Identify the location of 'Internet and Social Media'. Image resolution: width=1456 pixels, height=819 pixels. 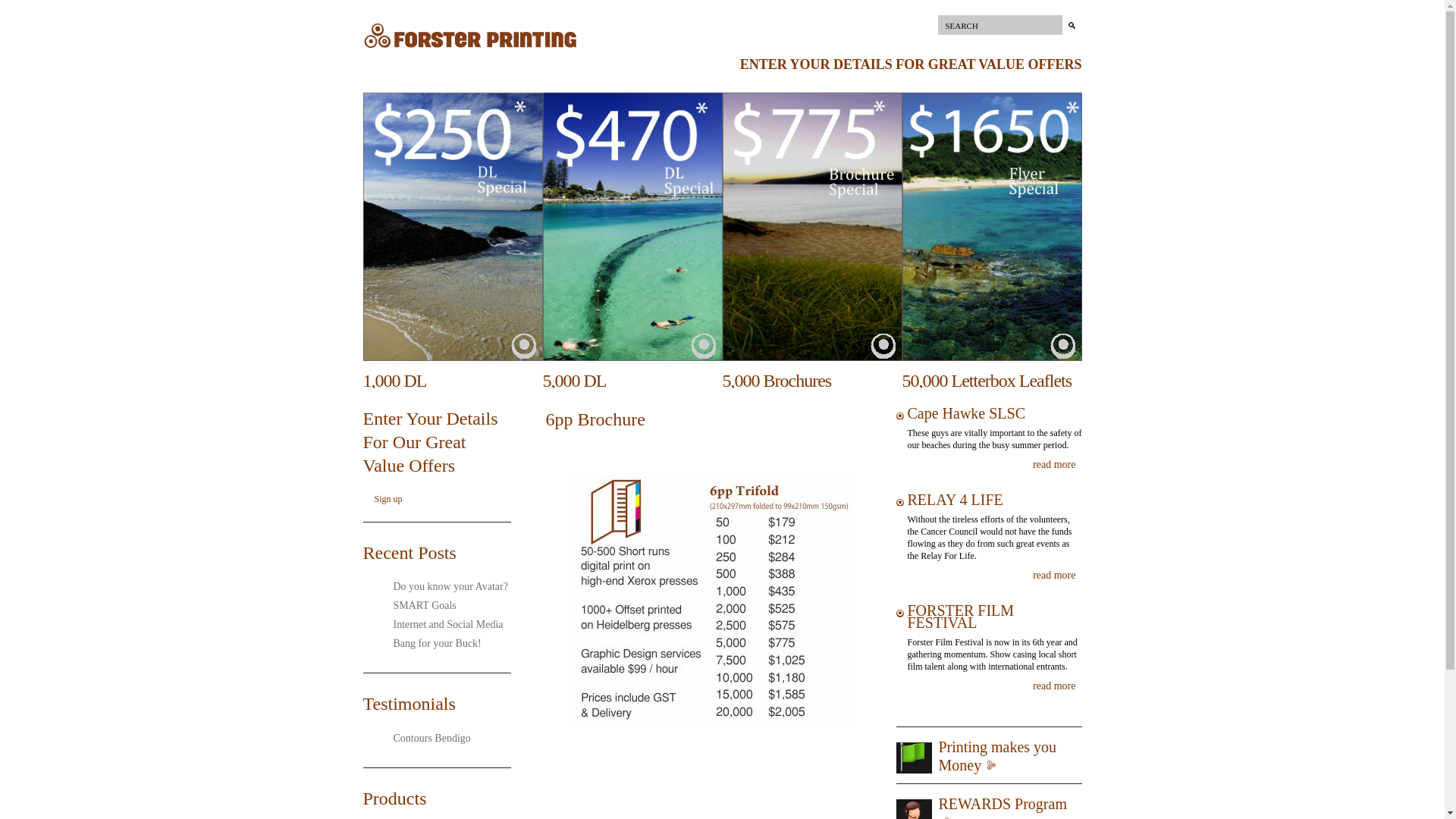
(441, 624).